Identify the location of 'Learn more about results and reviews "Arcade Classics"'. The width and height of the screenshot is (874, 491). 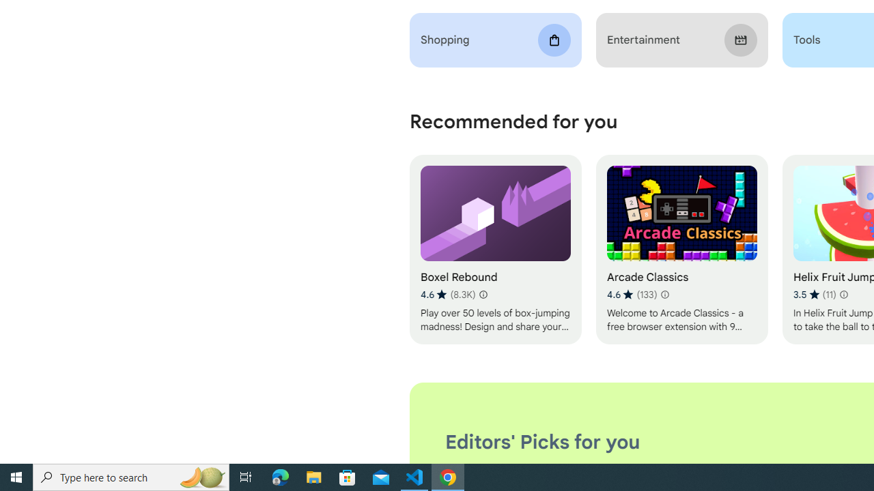
(664, 294).